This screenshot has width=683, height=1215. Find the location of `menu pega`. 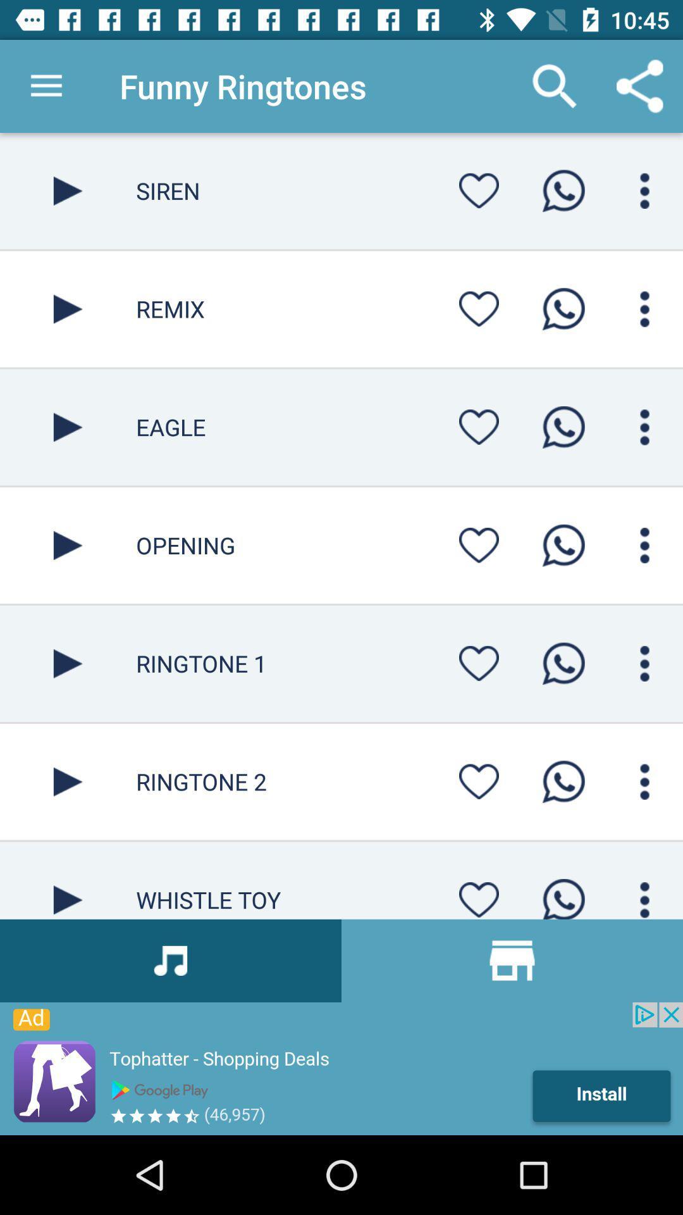

menu pega is located at coordinates (644, 663).